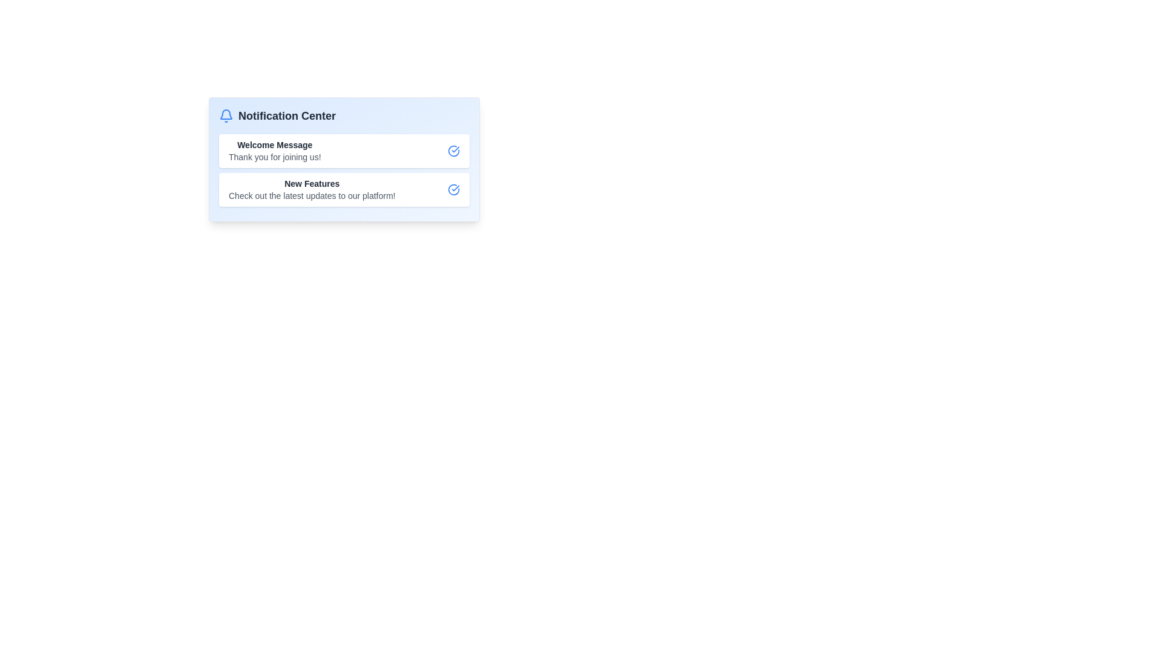  I want to click on the Text label that serves as a descriptive title for the notification, located near the top of the notification area, so click(274, 144).